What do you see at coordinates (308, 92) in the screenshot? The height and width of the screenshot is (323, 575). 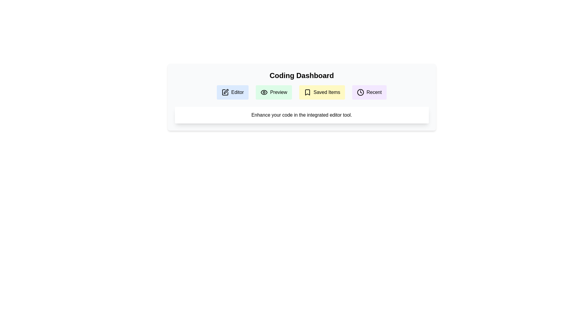 I see `the 'Saved Items' button icon` at bounding box center [308, 92].